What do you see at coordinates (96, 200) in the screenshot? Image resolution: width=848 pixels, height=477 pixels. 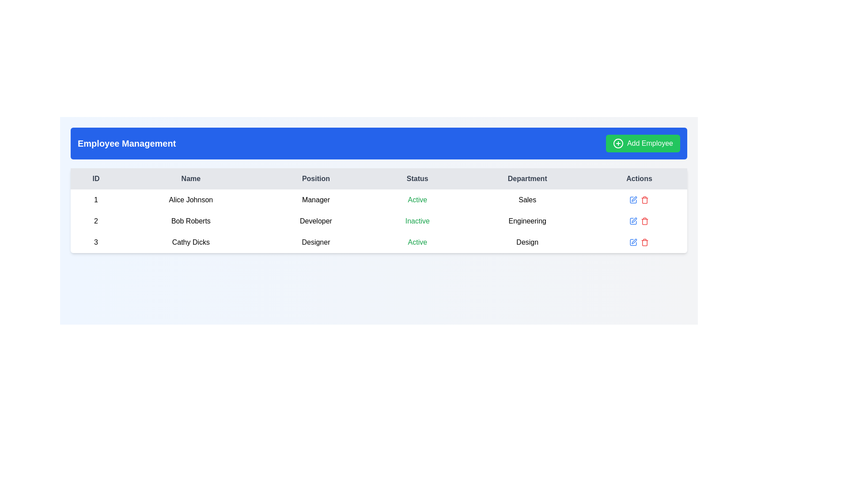 I see `value '1' from the Table Cell located in the first row of the ID column, which serves as an identifier for the row` at bounding box center [96, 200].